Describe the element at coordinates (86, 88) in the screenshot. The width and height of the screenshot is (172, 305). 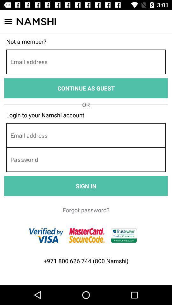
I see `the continue as guest` at that location.